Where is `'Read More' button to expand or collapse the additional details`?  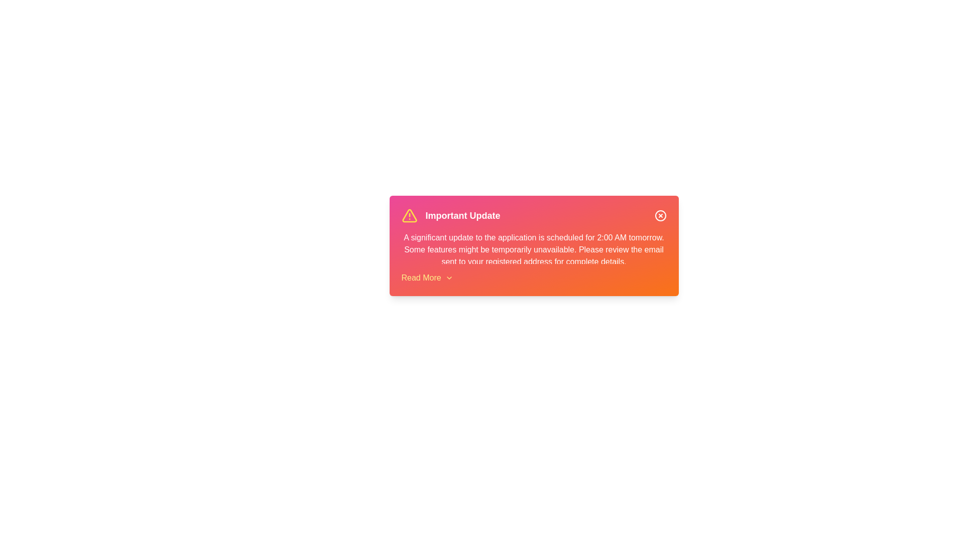 'Read More' button to expand or collapse the additional details is located at coordinates (427, 278).